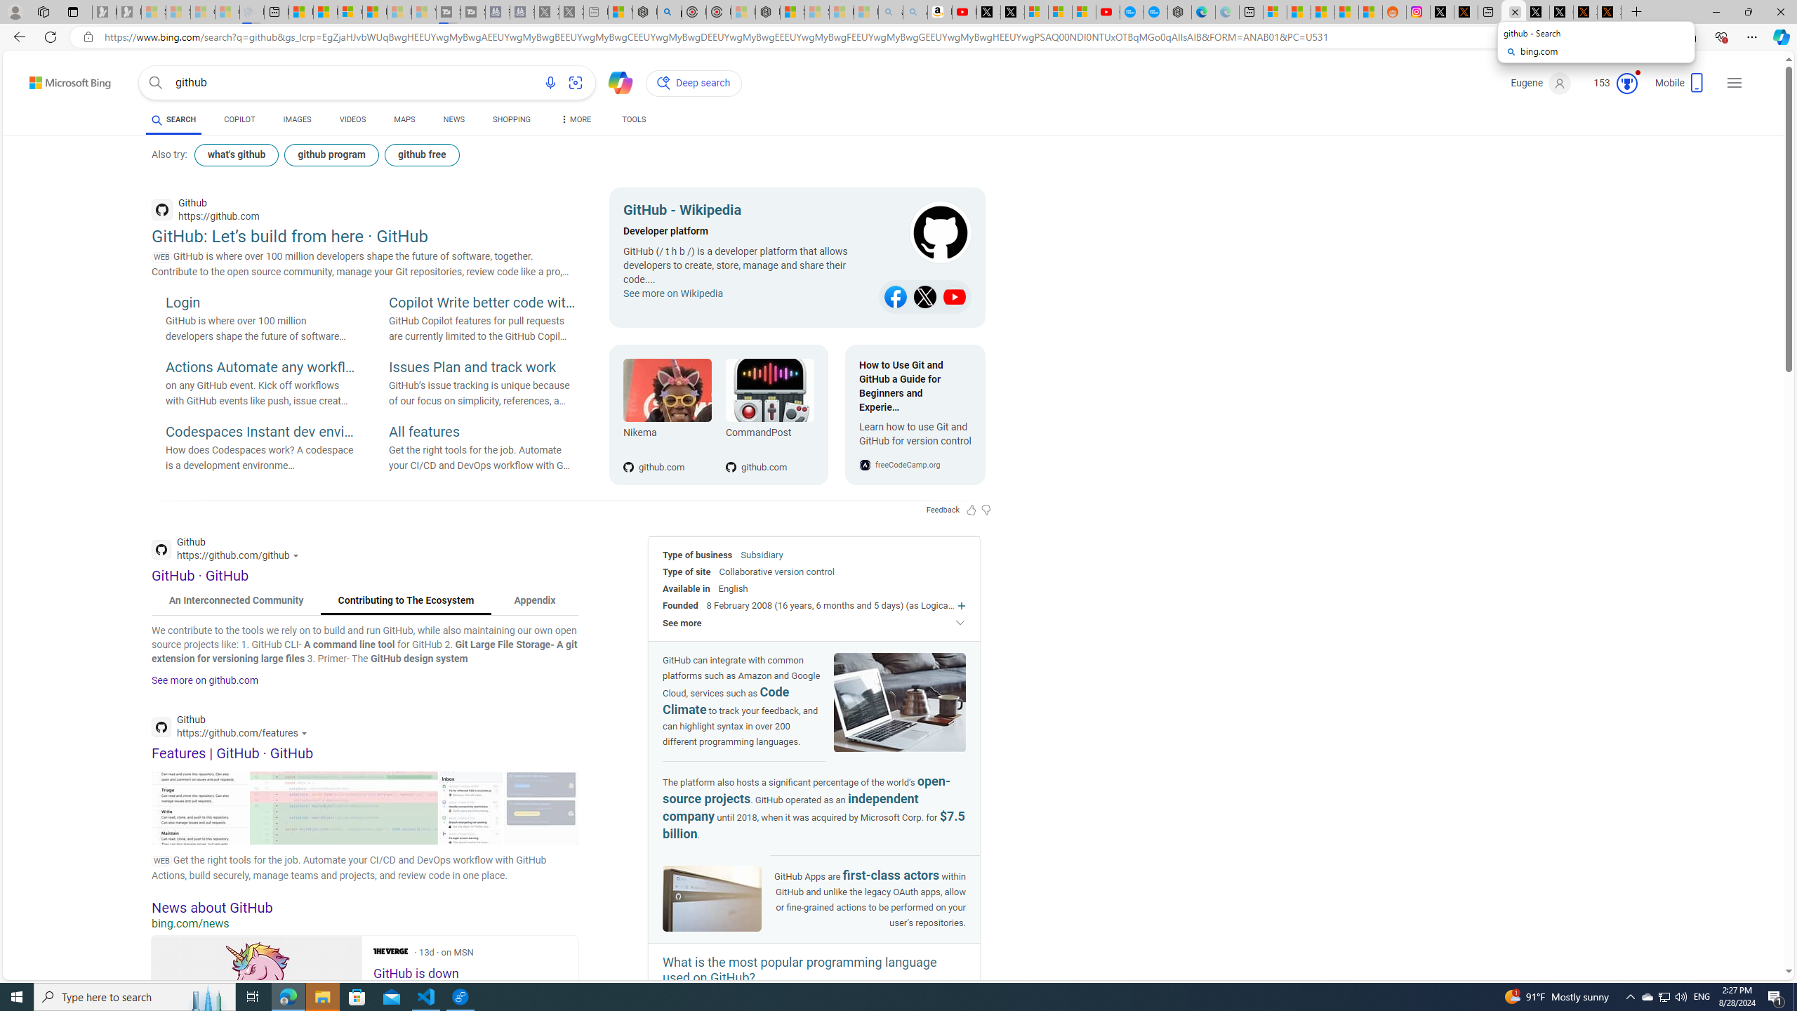 The image size is (1797, 1011). I want to click on 'Shanghai, China Weather trends | Microsoft Weather', so click(1370, 11).